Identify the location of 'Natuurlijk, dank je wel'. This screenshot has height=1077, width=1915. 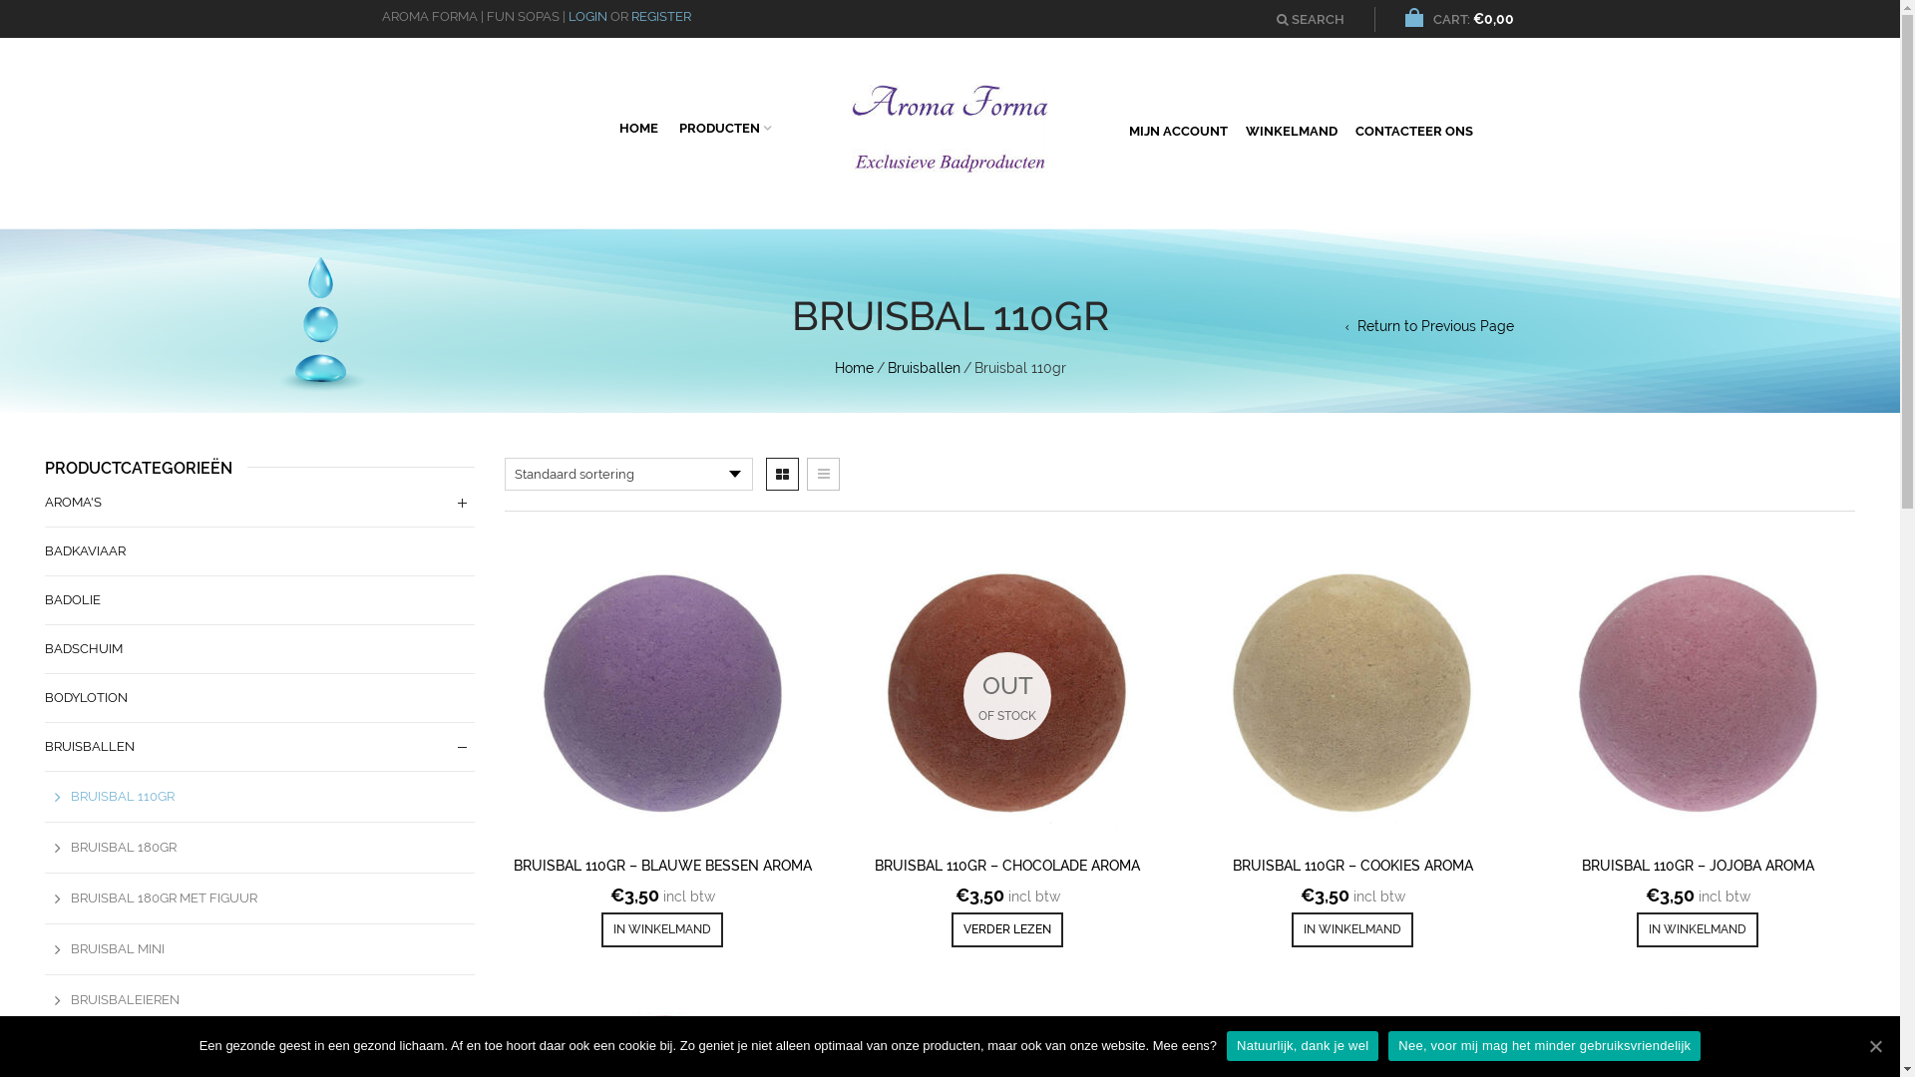
(1302, 1045).